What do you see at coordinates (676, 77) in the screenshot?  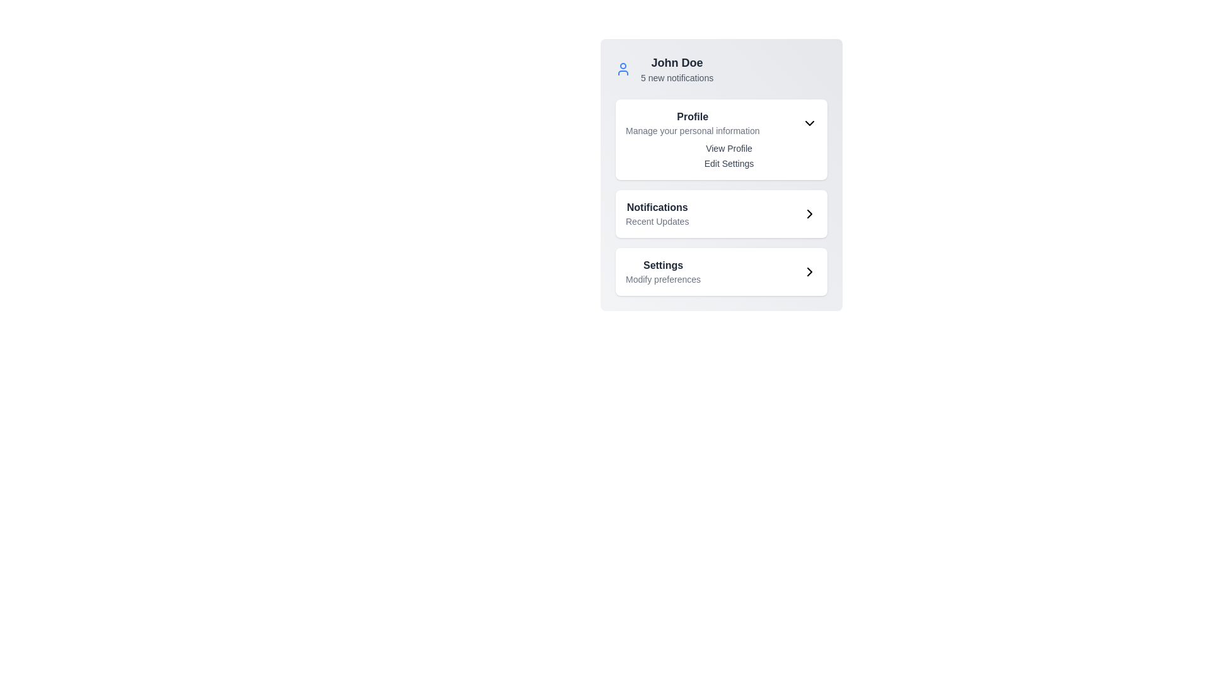 I see `notification count displayed in the text label that shows '5 new notifications' below 'John Doe'` at bounding box center [676, 77].